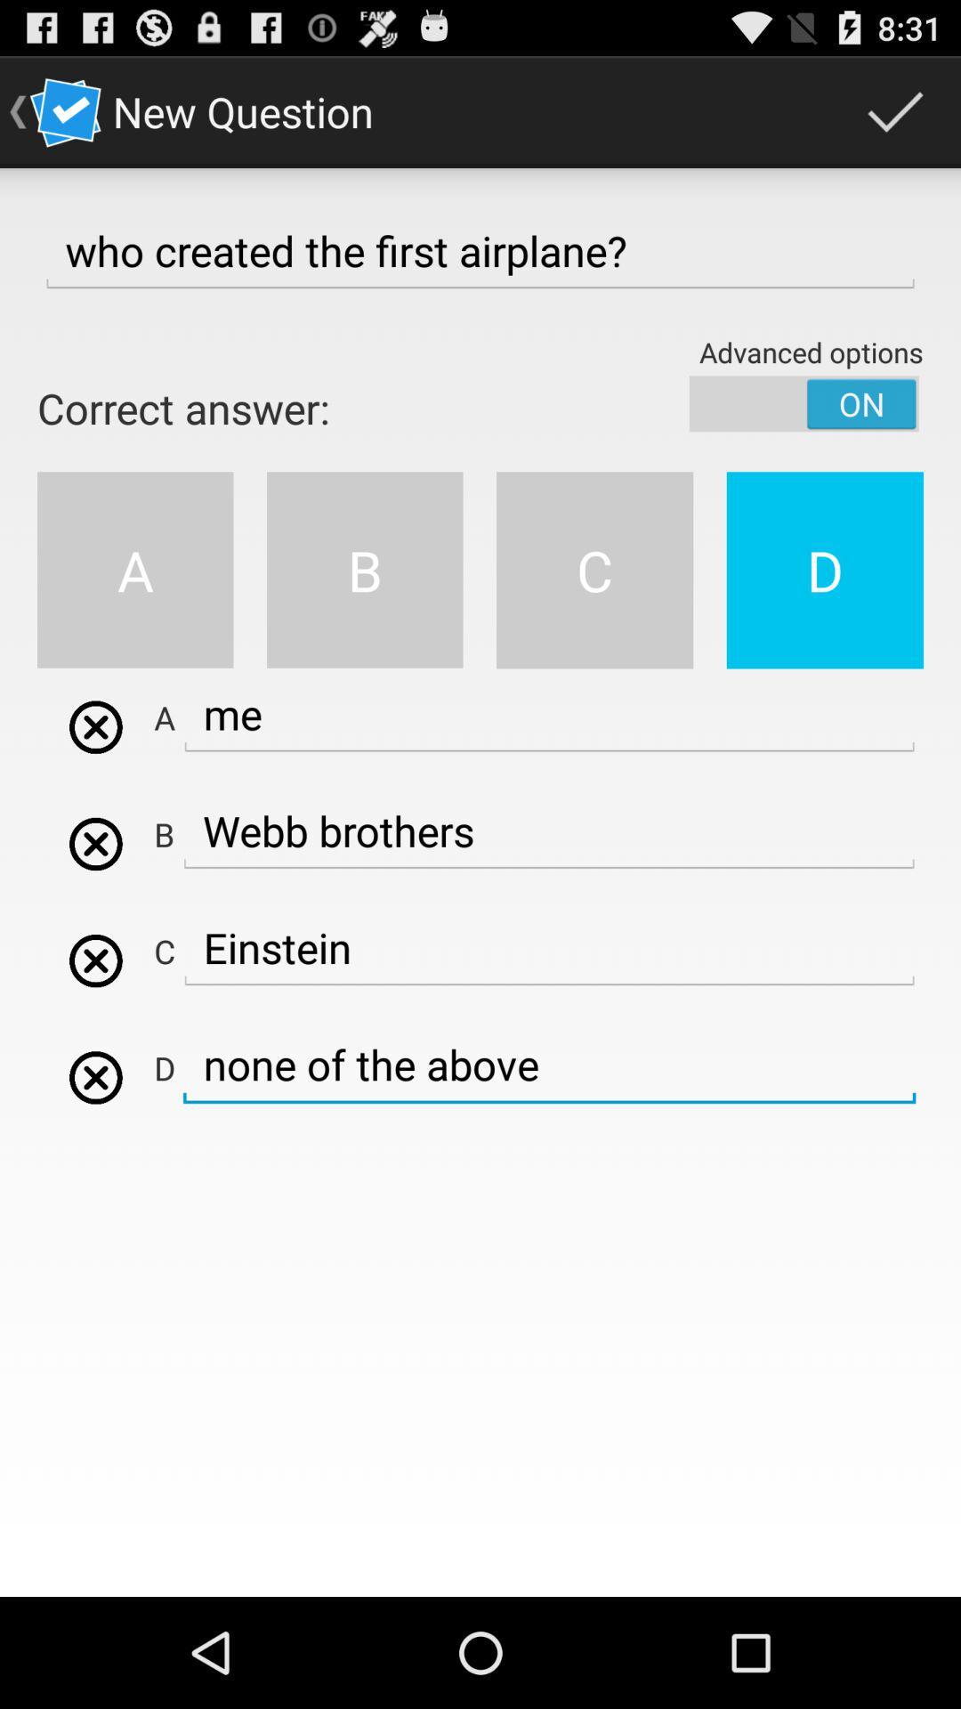 This screenshot has height=1709, width=961. Describe the element at coordinates (95, 960) in the screenshot. I see `remove choice c` at that location.